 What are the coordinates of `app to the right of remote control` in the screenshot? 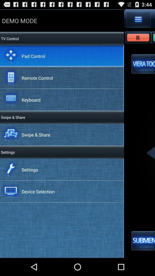 It's located at (143, 64).